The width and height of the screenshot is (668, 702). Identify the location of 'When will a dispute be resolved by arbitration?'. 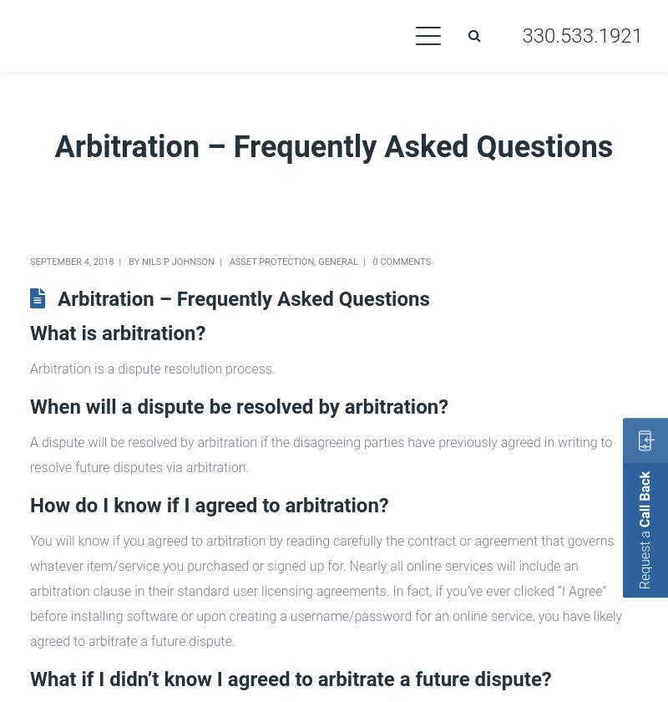
(239, 407).